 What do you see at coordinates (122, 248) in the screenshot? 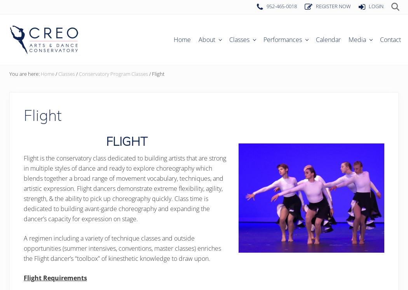
I see `'A regimen including a variety of technique classes and outside opportunities (summer intensives, conventions, master classes) enriches the Flight dancer’s “toolbox” of kinesthetic knowledge to draw upon.'` at bounding box center [122, 248].